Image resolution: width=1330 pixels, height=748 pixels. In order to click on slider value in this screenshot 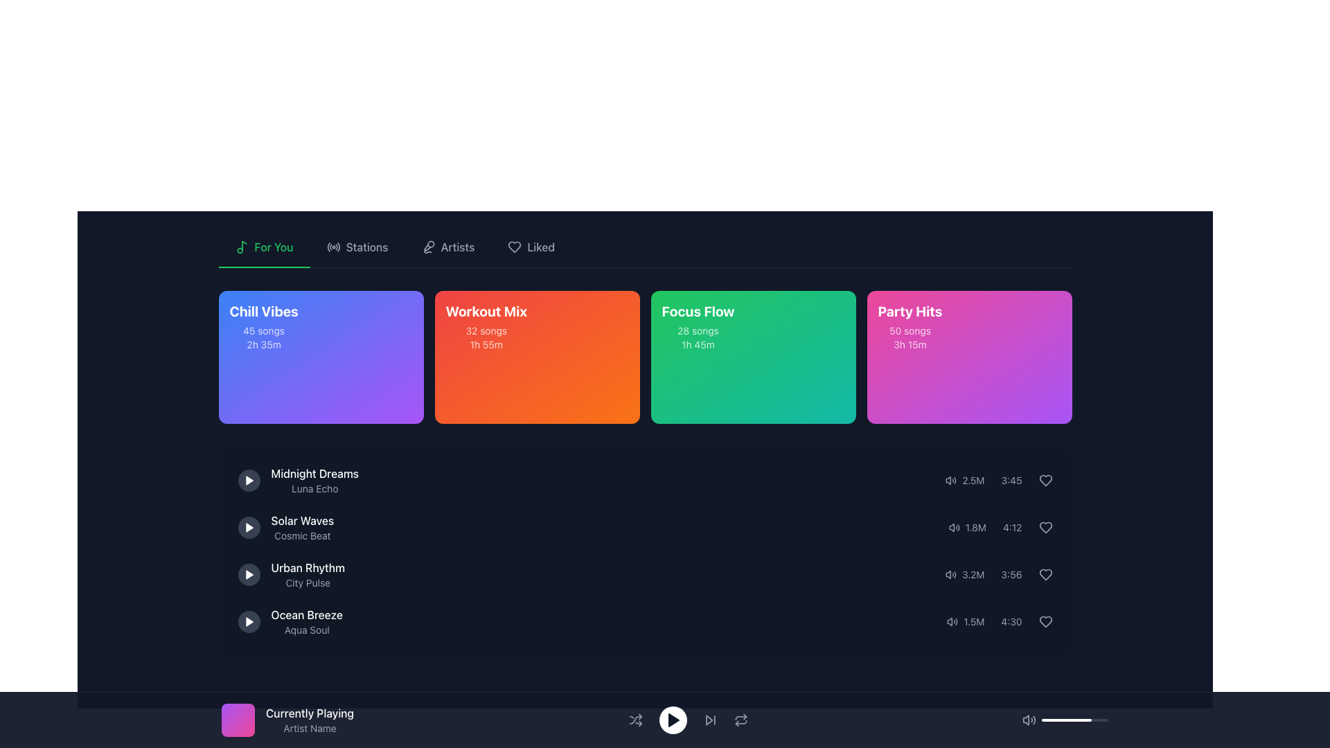, I will do `click(1049, 720)`.